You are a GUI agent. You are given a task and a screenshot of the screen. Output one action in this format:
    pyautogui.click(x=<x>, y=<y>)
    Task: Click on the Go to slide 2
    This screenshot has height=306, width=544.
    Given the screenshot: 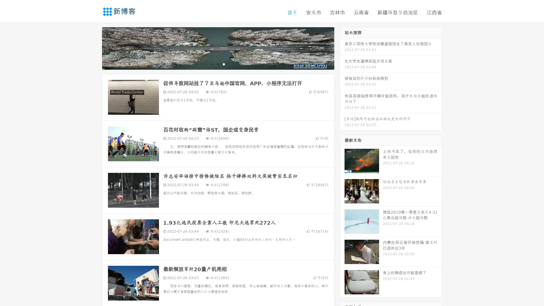 What is the action you would take?
    pyautogui.click(x=218, y=64)
    